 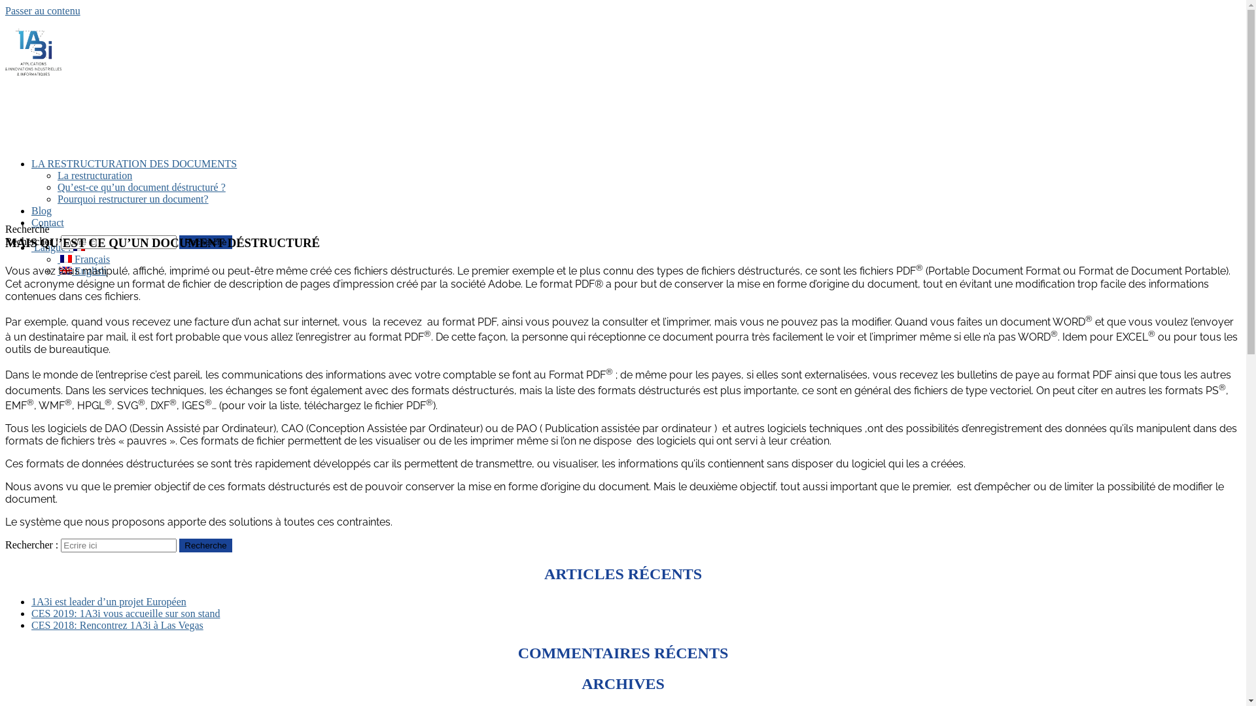 What do you see at coordinates (204, 545) in the screenshot?
I see `'Recherche'` at bounding box center [204, 545].